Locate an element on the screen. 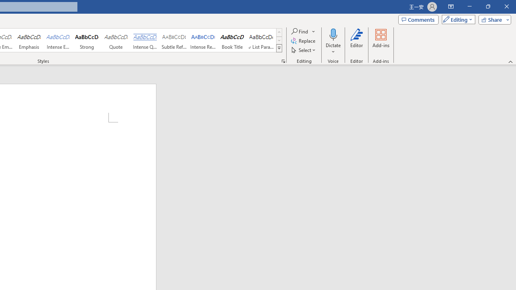 The width and height of the screenshot is (516, 290). 'Emphasis' is located at coordinates (29, 40).